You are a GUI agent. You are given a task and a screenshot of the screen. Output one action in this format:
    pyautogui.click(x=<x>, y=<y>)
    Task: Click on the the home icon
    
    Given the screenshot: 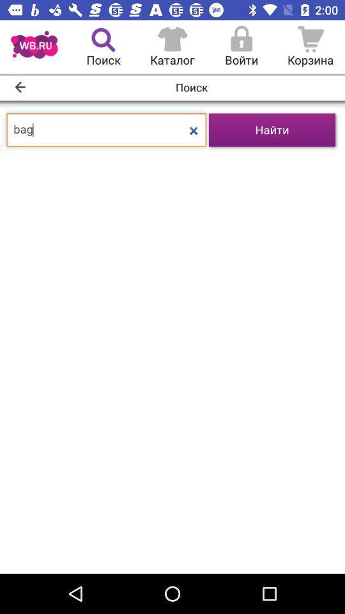 What is the action you would take?
    pyautogui.click(x=172, y=47)
    